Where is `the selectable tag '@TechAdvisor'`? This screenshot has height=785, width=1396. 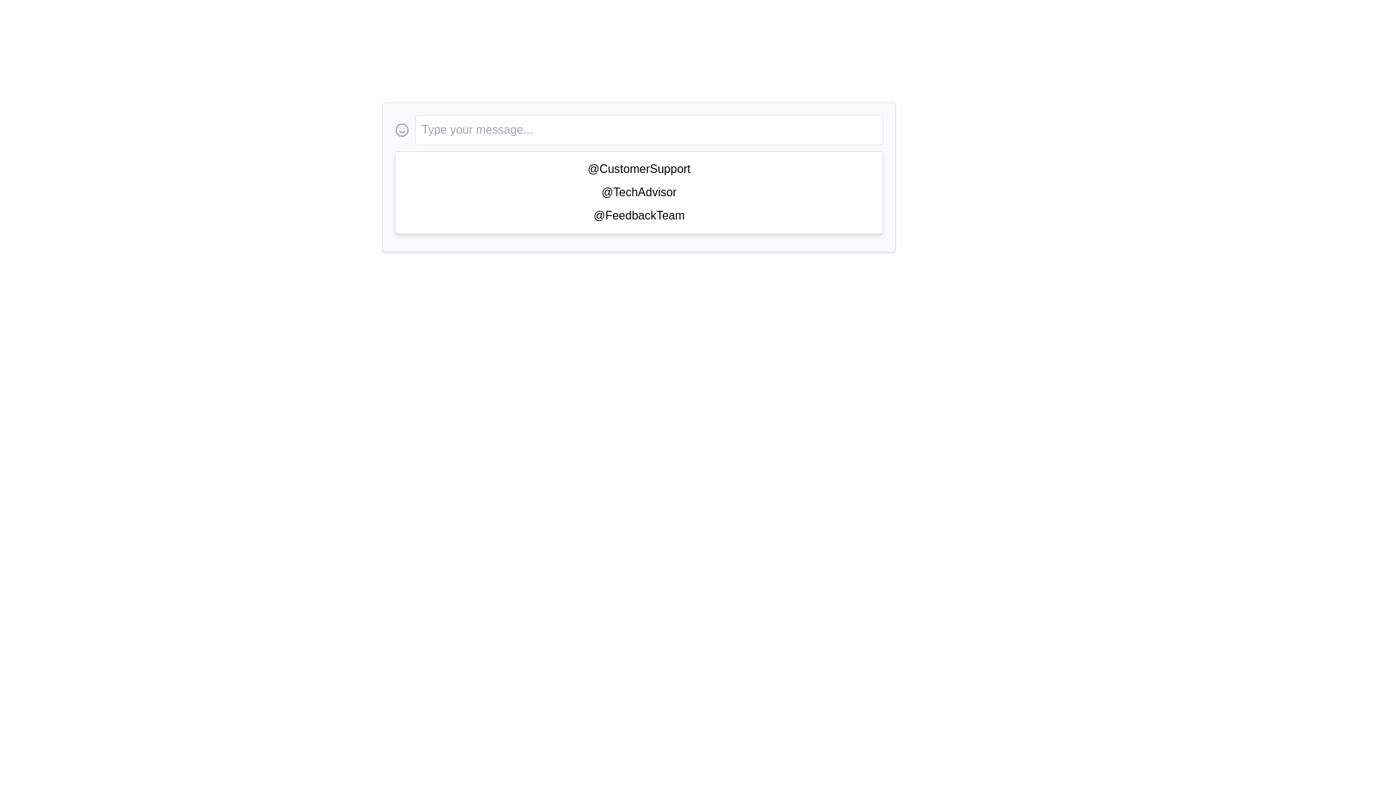 the selectable tag '@TechAdvisor' is located at coordinates (638, 192).